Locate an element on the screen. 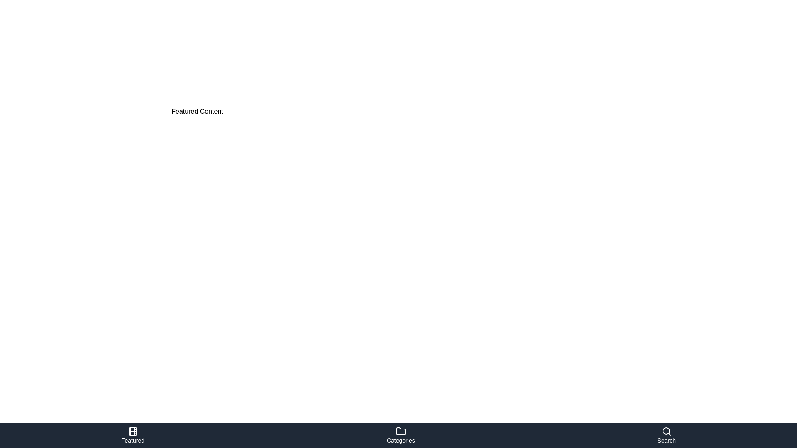 This screenshot has width=797, height=448. the 'Categories' icon in the navigation menu is located at coordinates (401, 431).